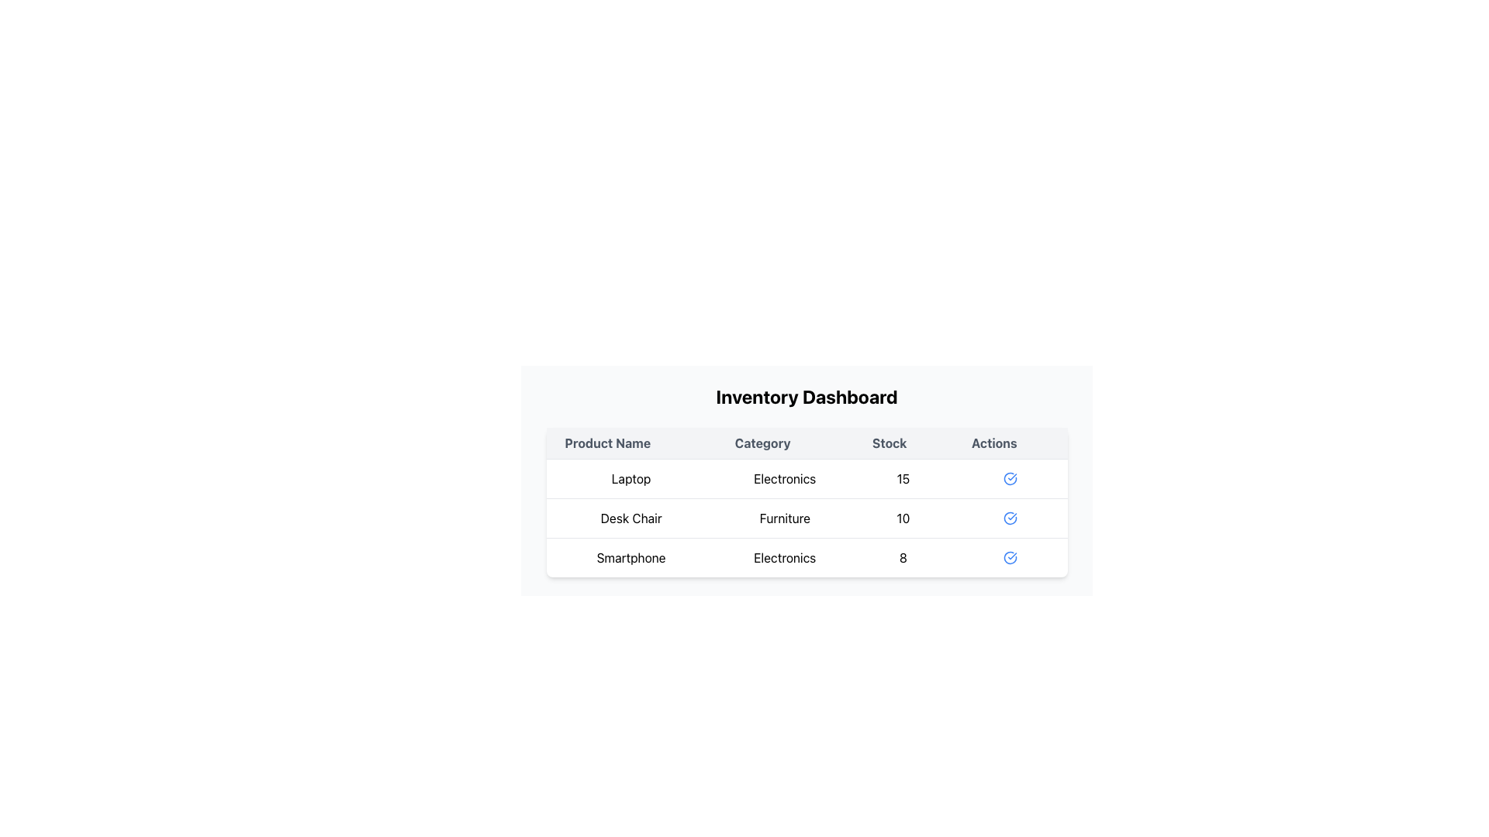 This screenshot has height=837, width=1489. Describe the element at coordinates (903, 556) in the screenshot. I see `the text element displaying the stock quantity of 'Smartphone' in the inventory dashboard, which is located in the last column under the 'Stock' header of the table` at that location.